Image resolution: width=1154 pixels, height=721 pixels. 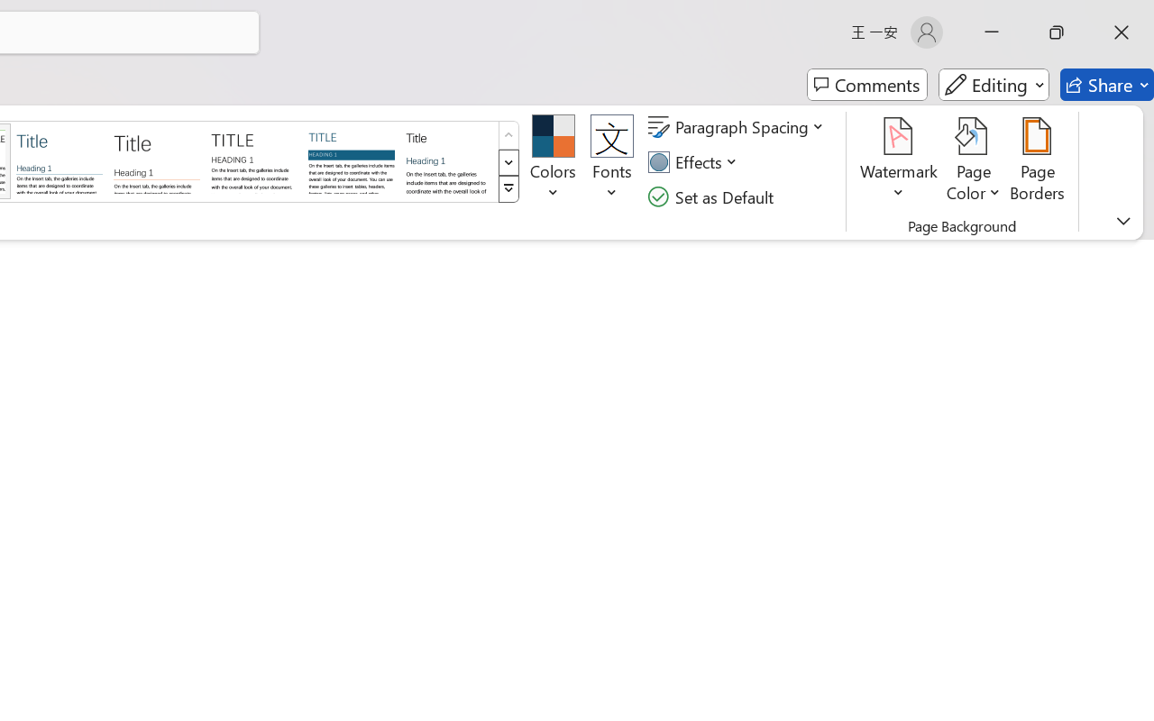 I want to click on 'Effects', so click(x=694, y=161).